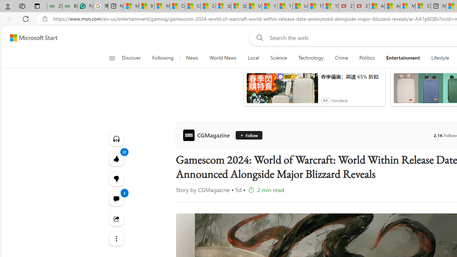 The width and height of the screenshot is (457, 257). What do you see at coordinates (70, 6) in the screenshot?
I see `'Best SSL Certificates Provider in India - GeeksforGeeks'` at bounding box center [70, 6].